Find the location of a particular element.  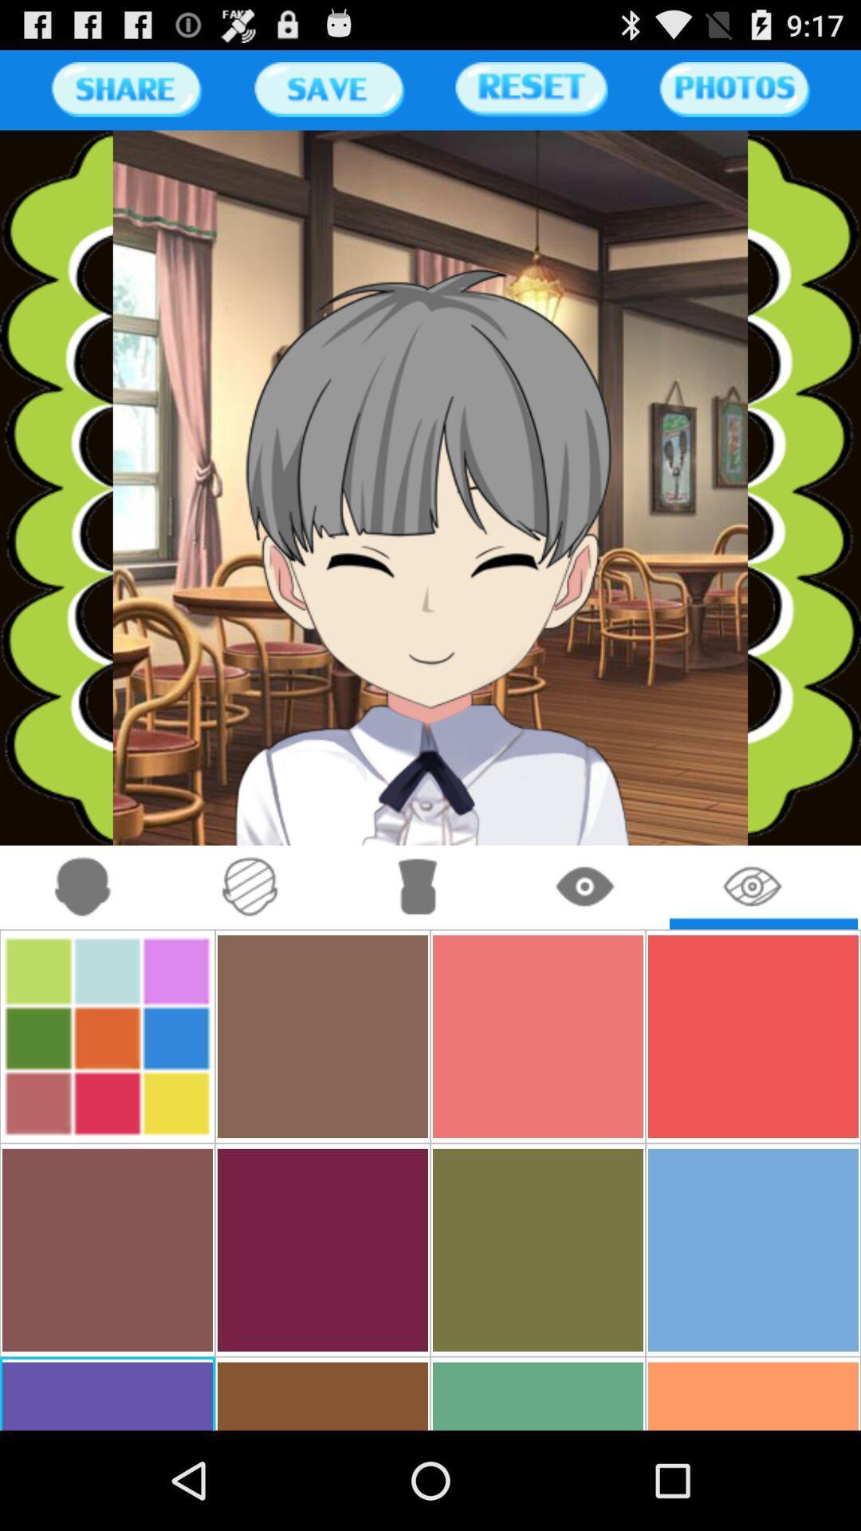

button is located at coordinates (328, 89).